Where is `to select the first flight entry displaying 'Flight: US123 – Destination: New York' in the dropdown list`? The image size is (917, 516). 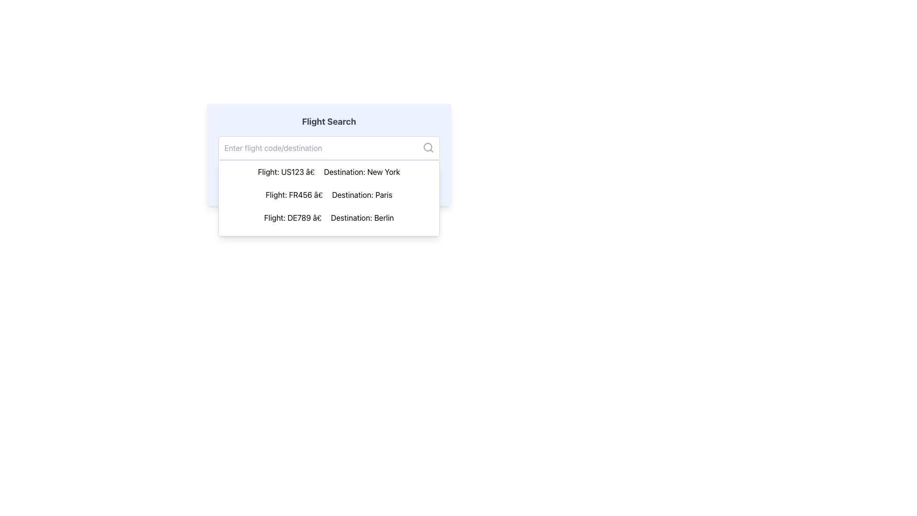 to select the first flight entry displaying 'Flight: US123 – Destination: New York' in the dropdown list is located at coordinates (329, 171).